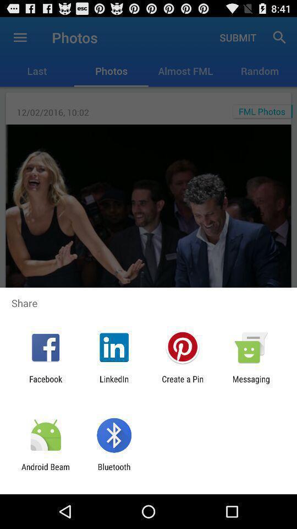 Image resolution: width=297 pixels, height=529 pixels. Describe the element at coordinates (45, 384) in the screenshot. I see `the facebook` at that location.